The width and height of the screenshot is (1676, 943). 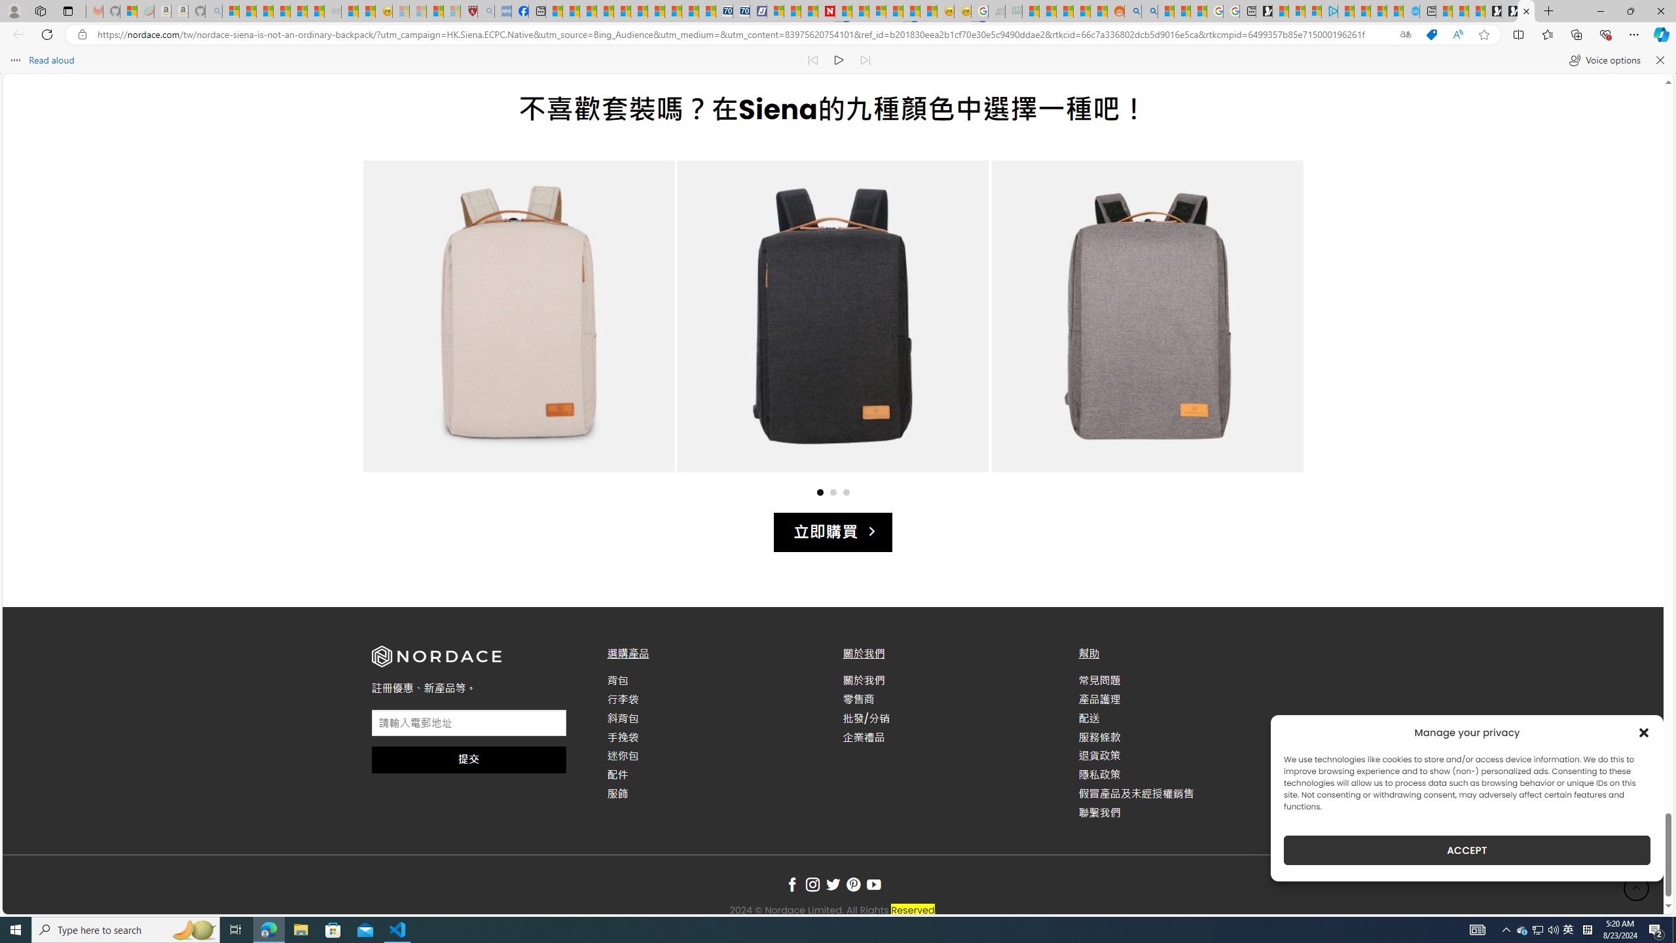 I want to click on '14 Common Myths Debunked By Scientific Facts', so click(x=860, y=10).